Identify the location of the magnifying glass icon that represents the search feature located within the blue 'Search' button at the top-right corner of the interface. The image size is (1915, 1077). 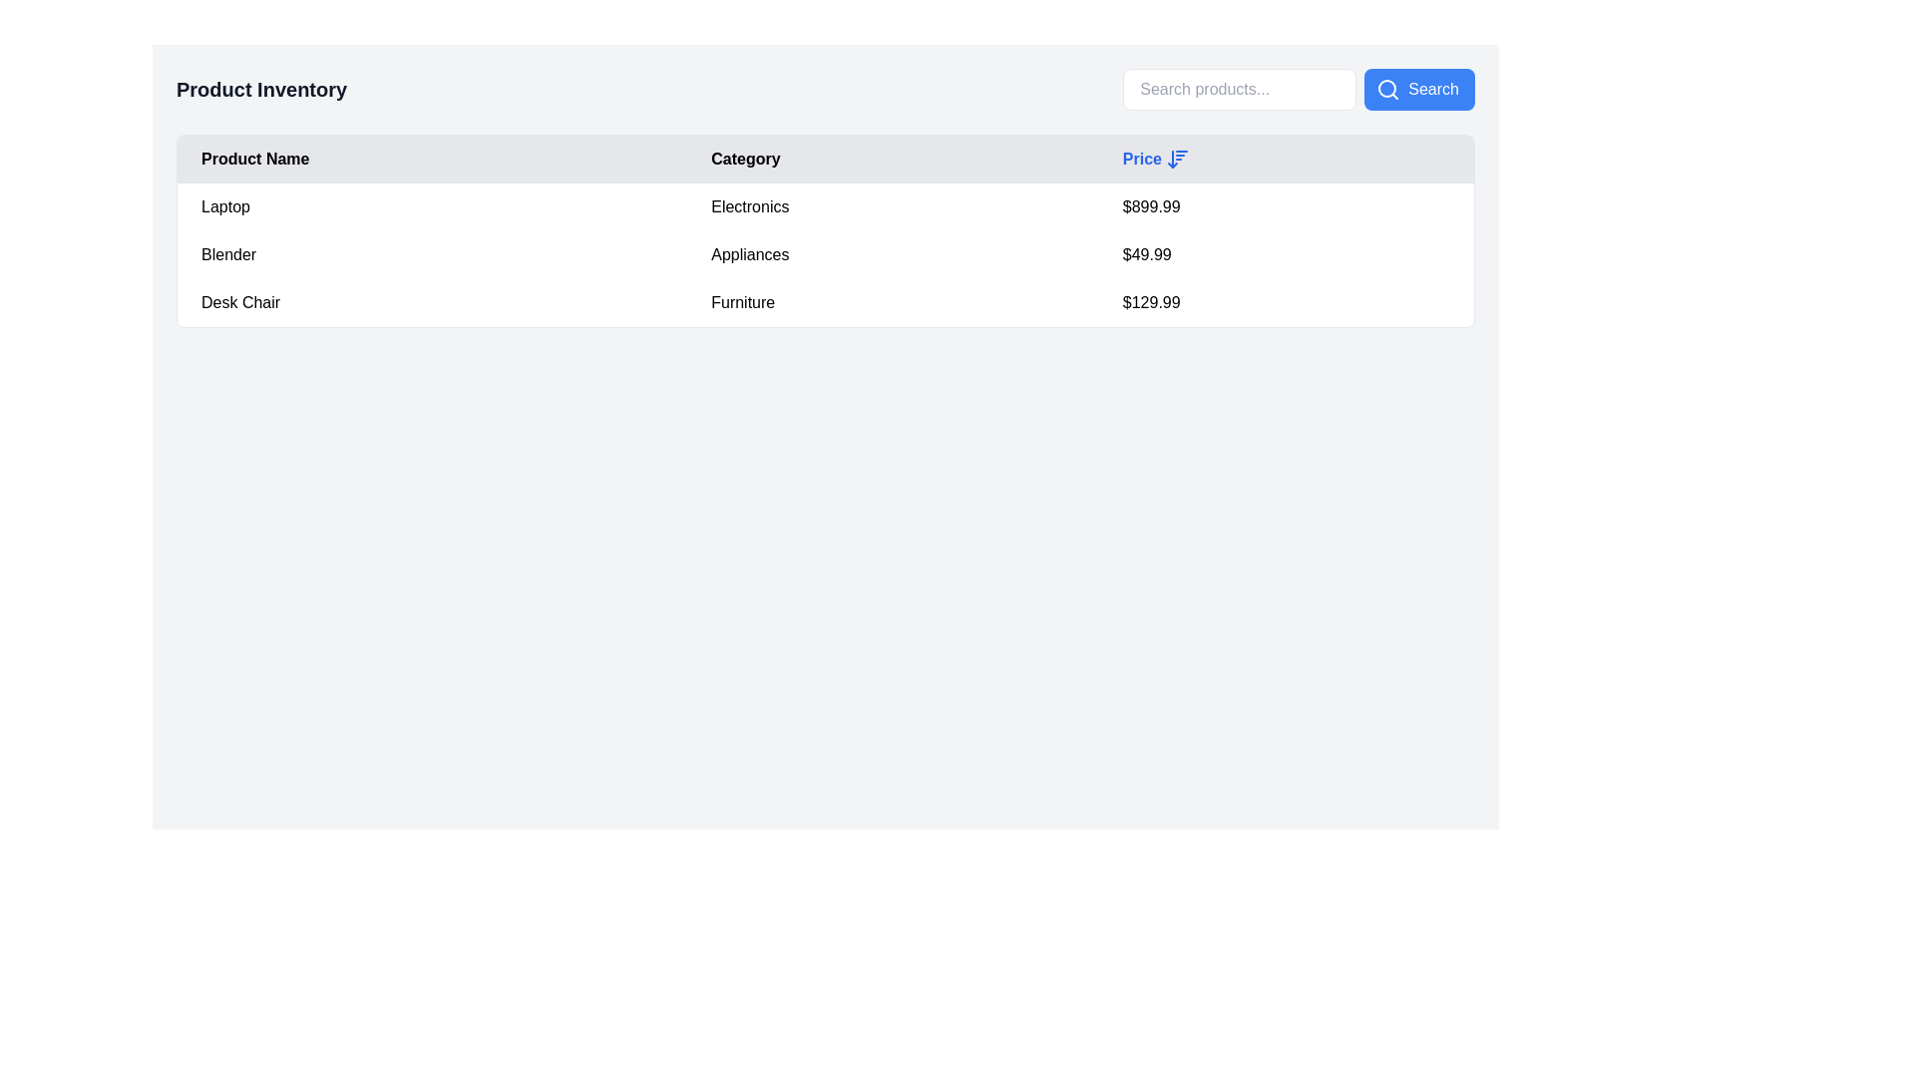
(1387, 88).